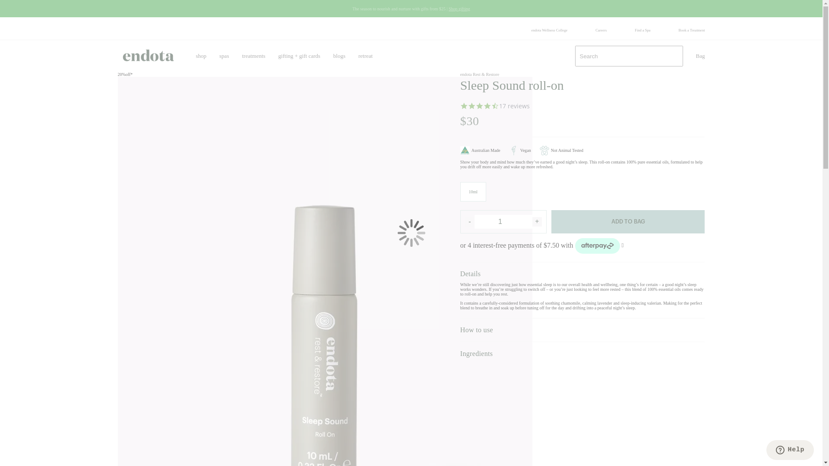 The height and width of the screenshot is (466, 829). I want to click on 'gifting + gift cards', so click(299, 56).